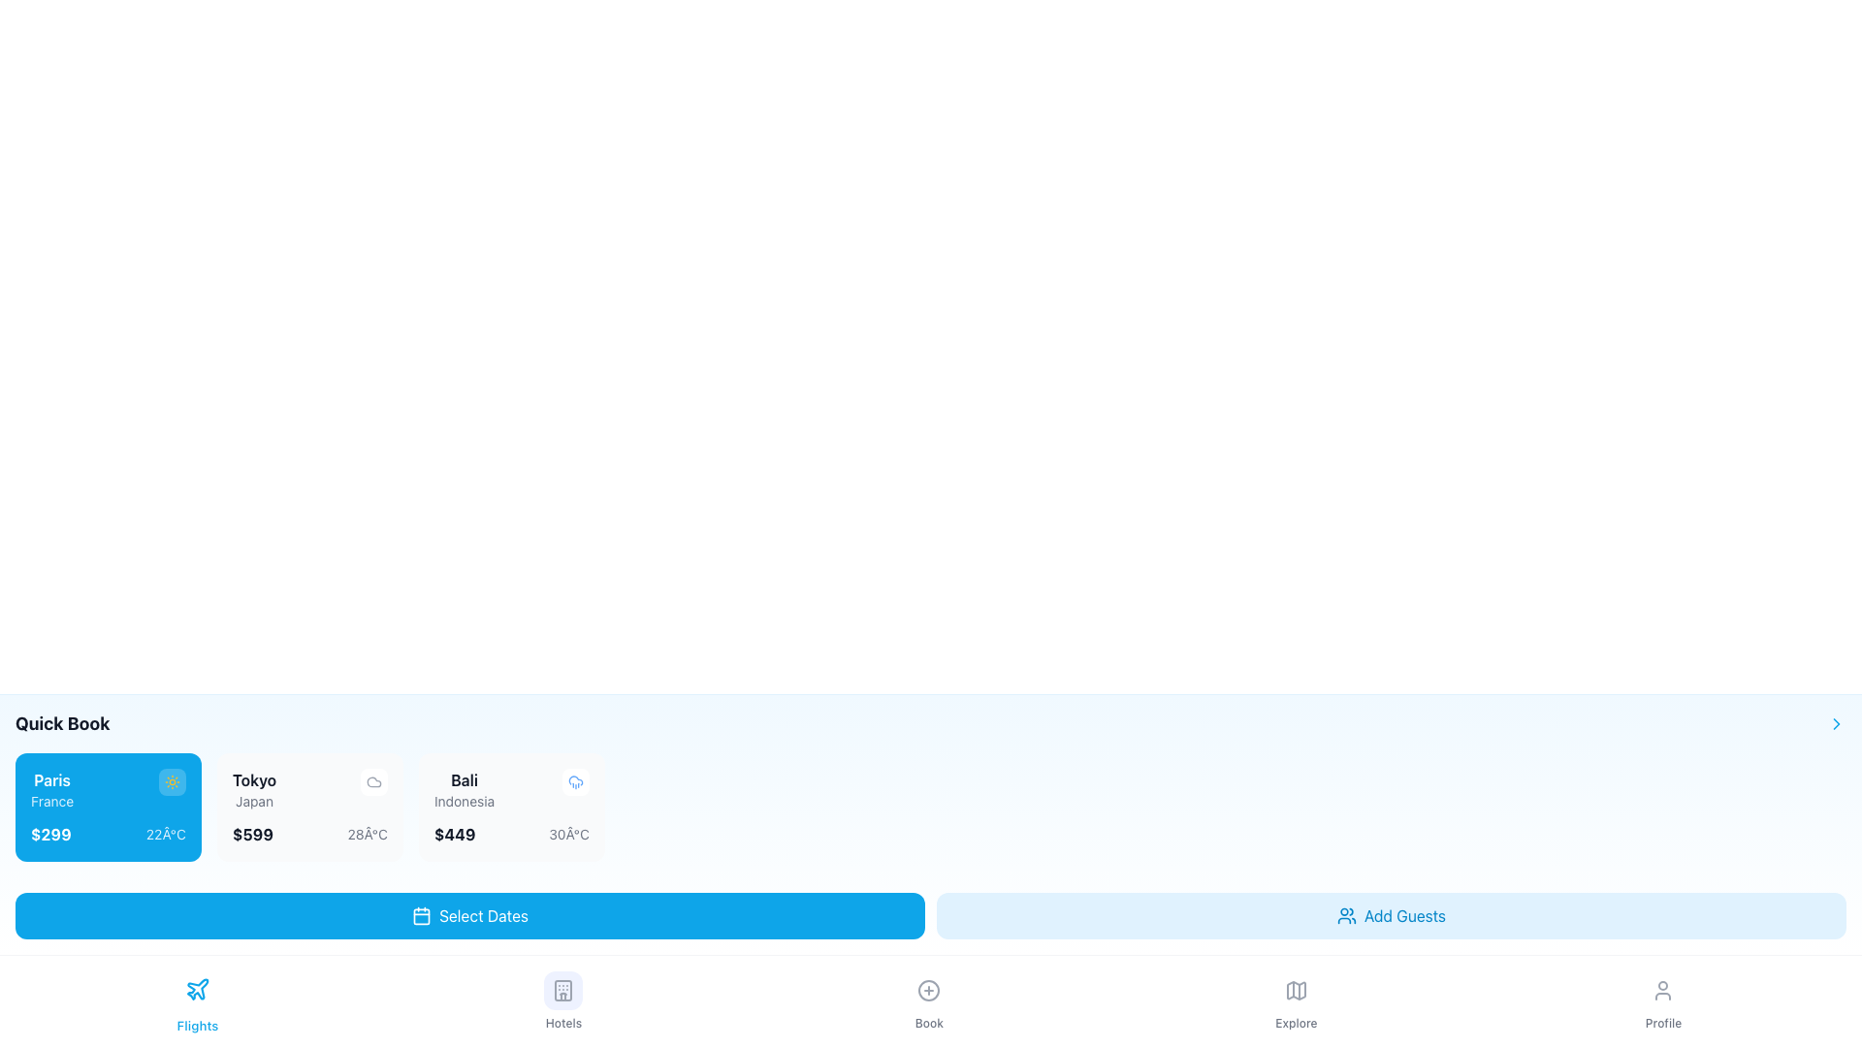  Describe the element at coordinates (568, 833) in the screenshot. I see `the temperature text label displaying '30Â°C' located at the bottom right of the 'Bali Indonesia' section, which is to the right of the '$449' price text` at that location.